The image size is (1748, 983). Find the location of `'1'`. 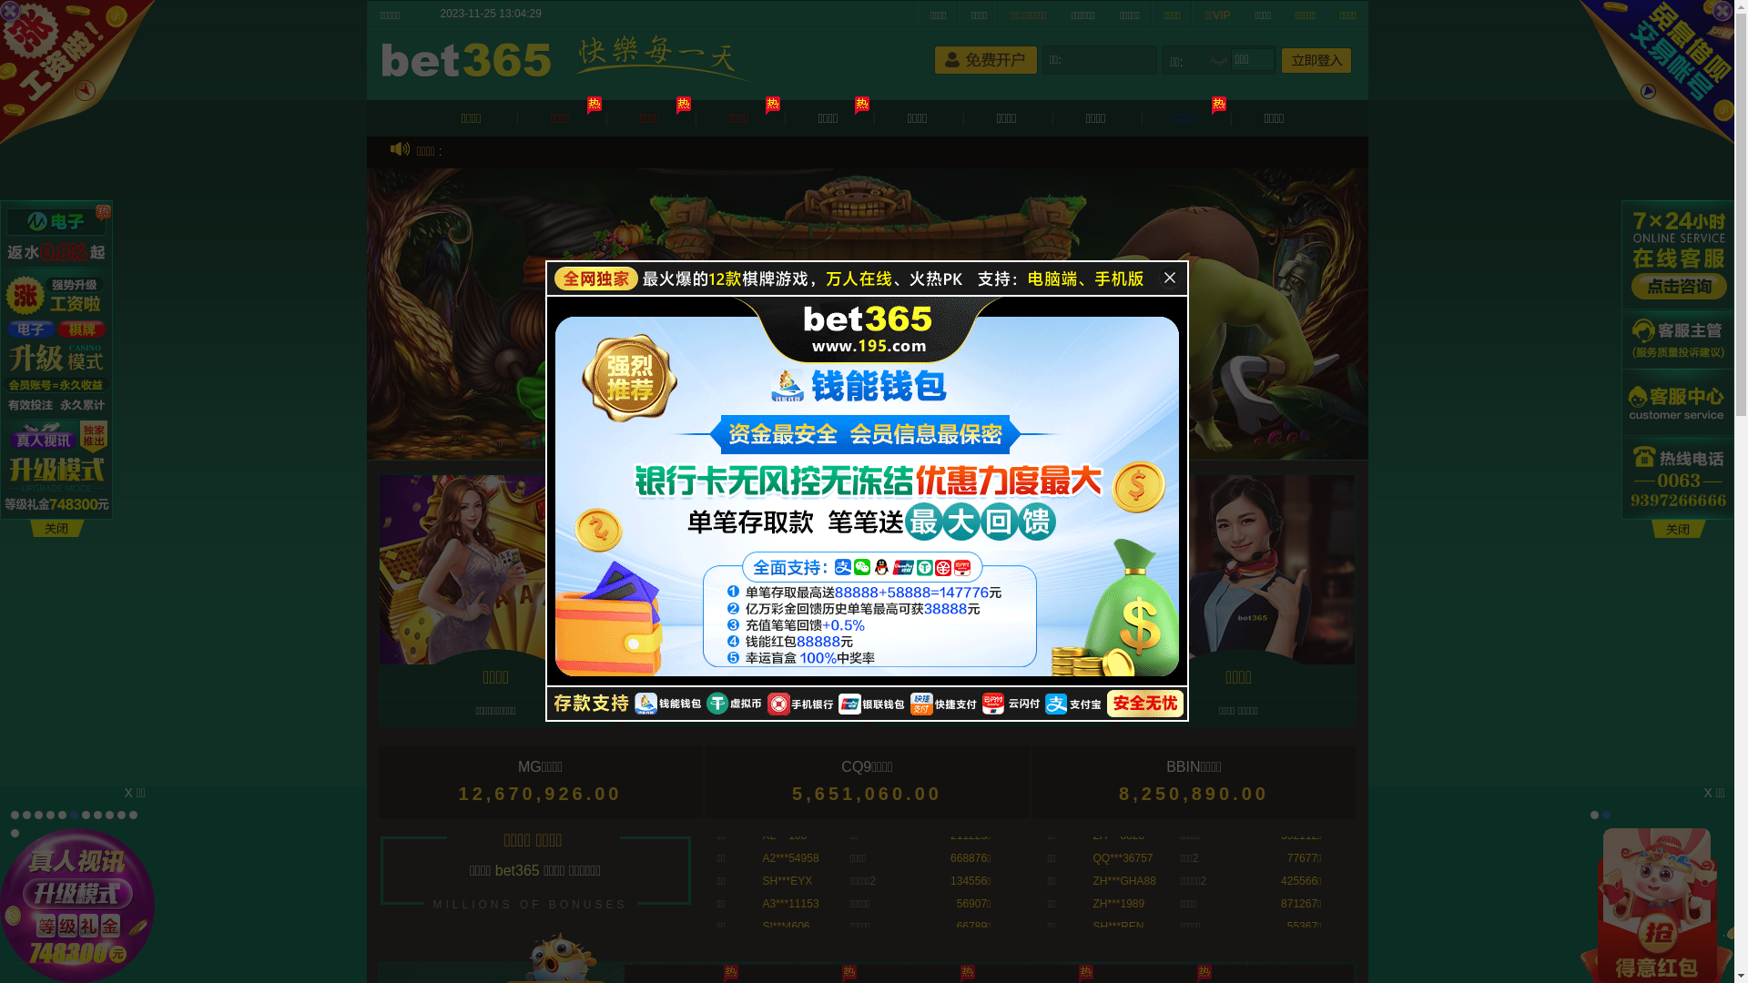

'1' is located at coordinates (15, 814).